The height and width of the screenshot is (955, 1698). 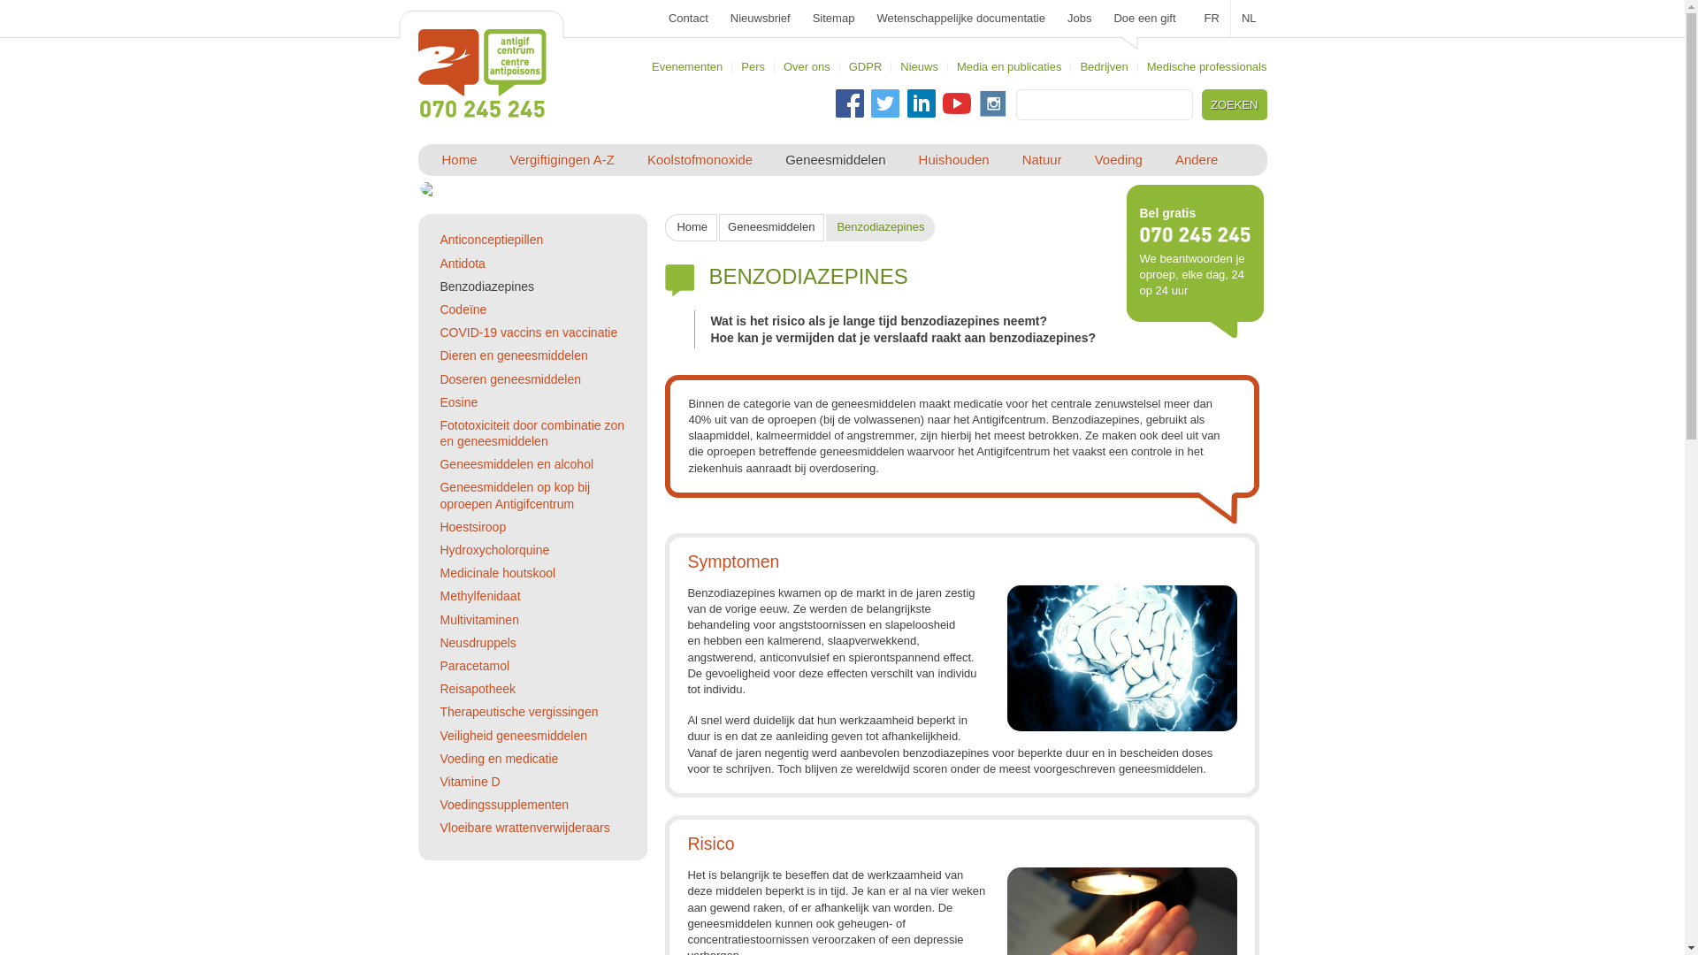 What do you see at coordinates (1118, 160) in the screenshot?
I see `'Voeding'` at bounding box center [1118, 160].